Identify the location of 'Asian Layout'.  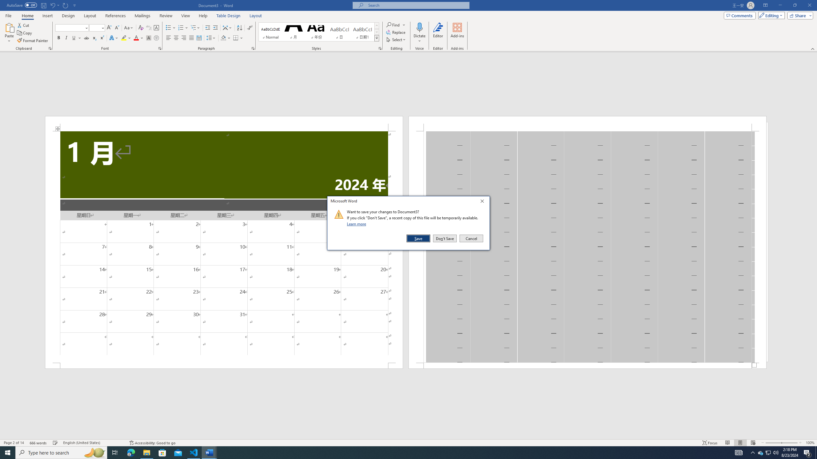
(227, 28).